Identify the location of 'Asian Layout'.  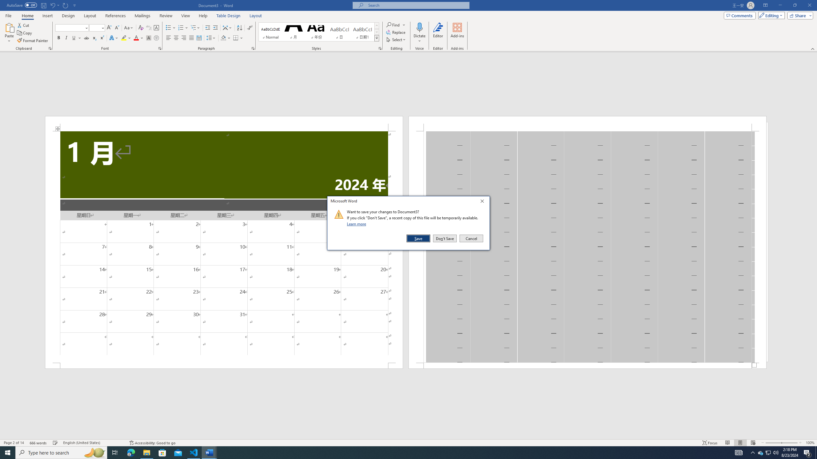
(227, 28).